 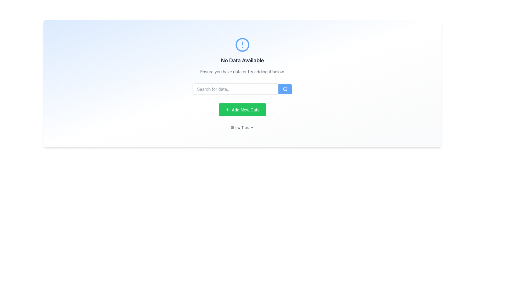 I want to click on the search icon button located at the right corner of the search input bar, so click(x=285, y=89).